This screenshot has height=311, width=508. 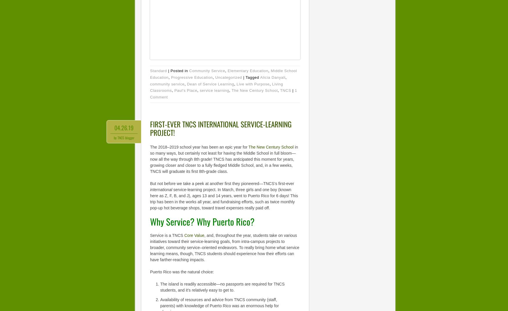 I want to click on '04.26.19', so click(x=124, y=127).